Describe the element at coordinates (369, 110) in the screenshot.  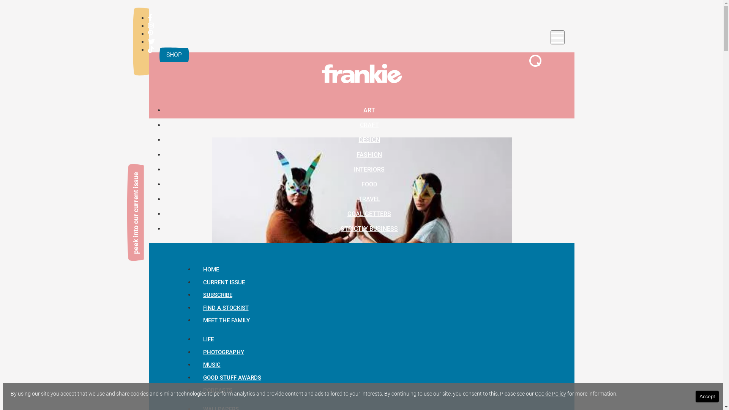
I see `'ART'` at that location.